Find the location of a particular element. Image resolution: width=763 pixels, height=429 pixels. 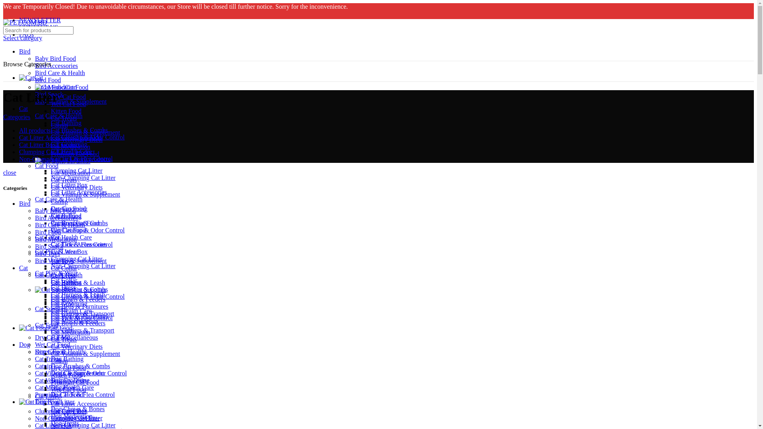

'Bird Toys' is located at coordinates (34, 253).